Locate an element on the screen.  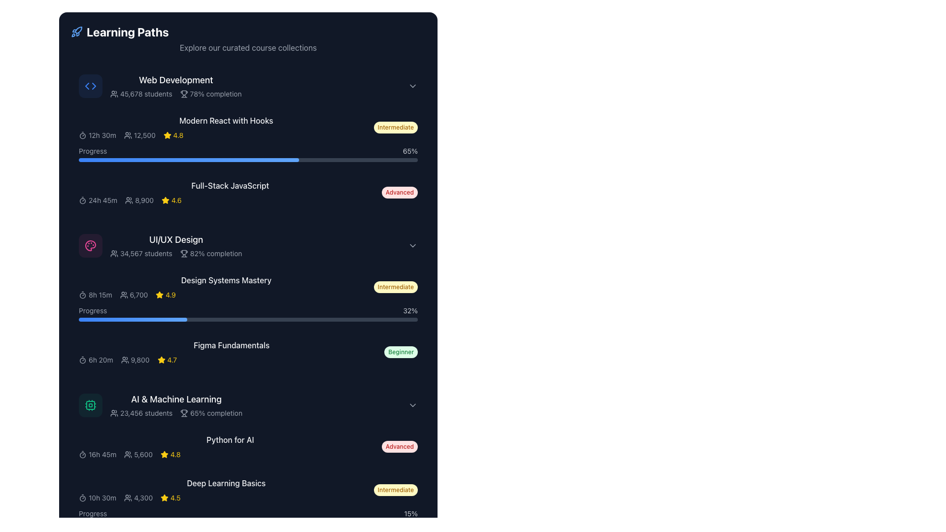
'Intermediate' label from the badge with a yellow background and rounded corners positioned at the bottom-right corner of the 'Deep Learning Basics' section is located at coordinates (396, 490).